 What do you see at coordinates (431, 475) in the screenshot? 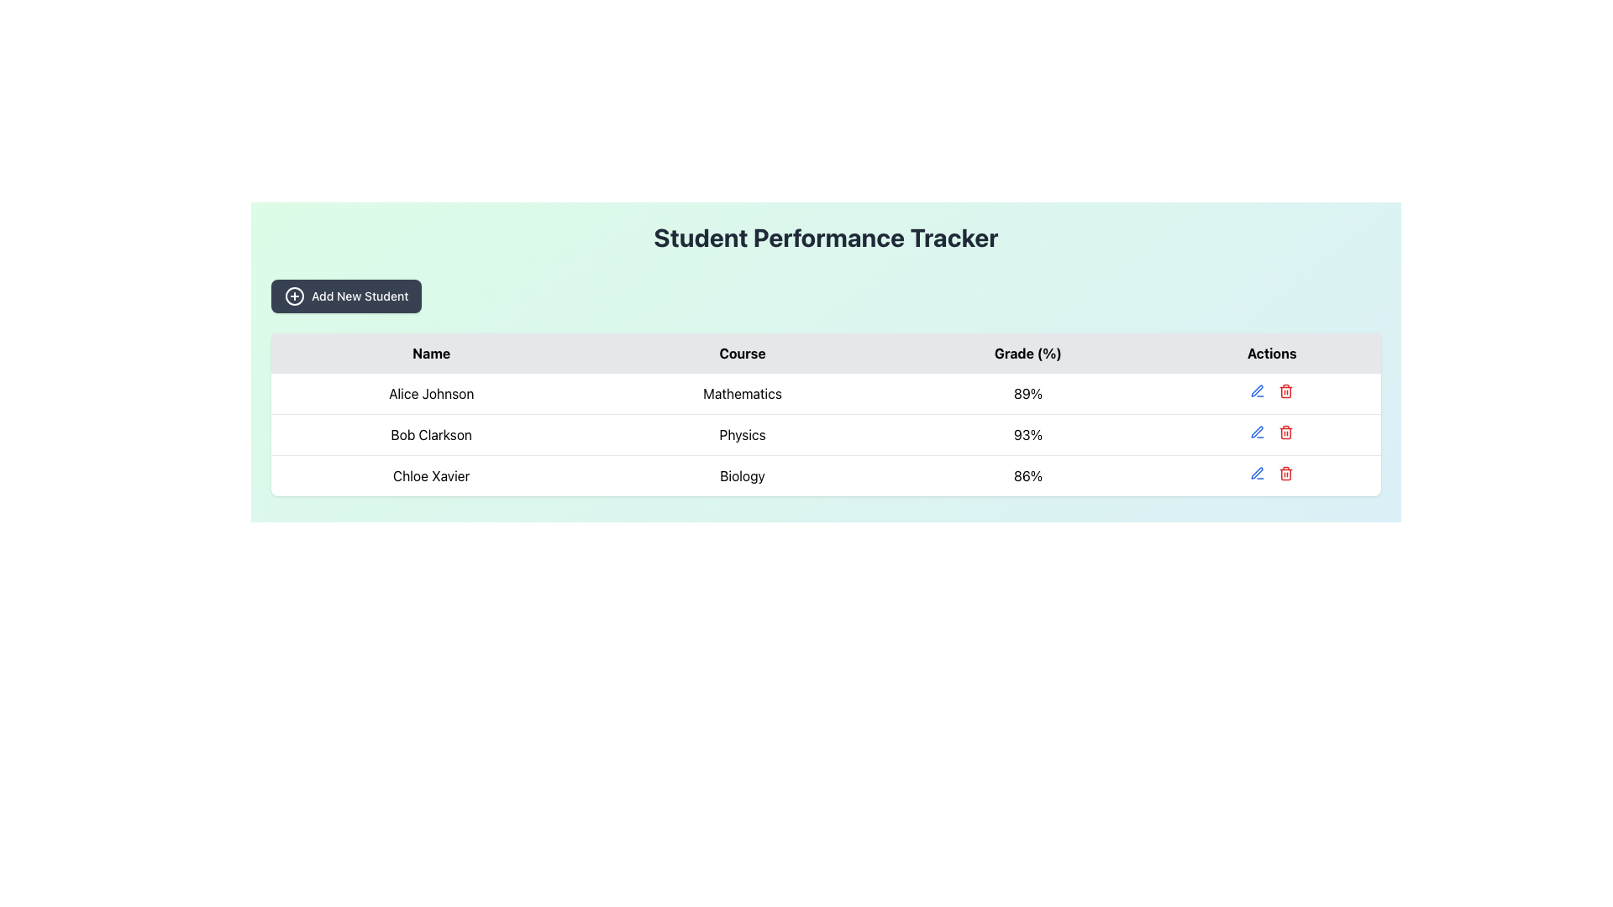
I see `the 'Name' text label of the student in the third row of the 'Student Performance Tracker' table` at bounding box center [431, 475].